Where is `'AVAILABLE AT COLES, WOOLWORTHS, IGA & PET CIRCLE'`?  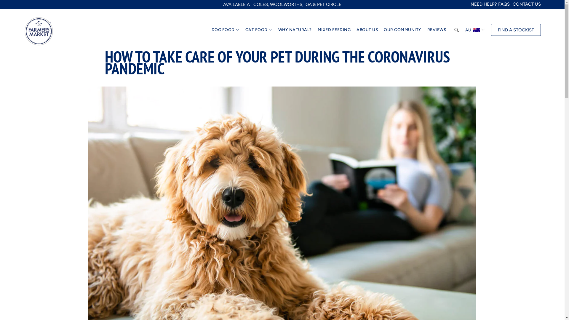 'AVAILABLE AT COLES, WOOLWORTHS, IGA & PET CIRCLE' is located at coordinates (282, 4).